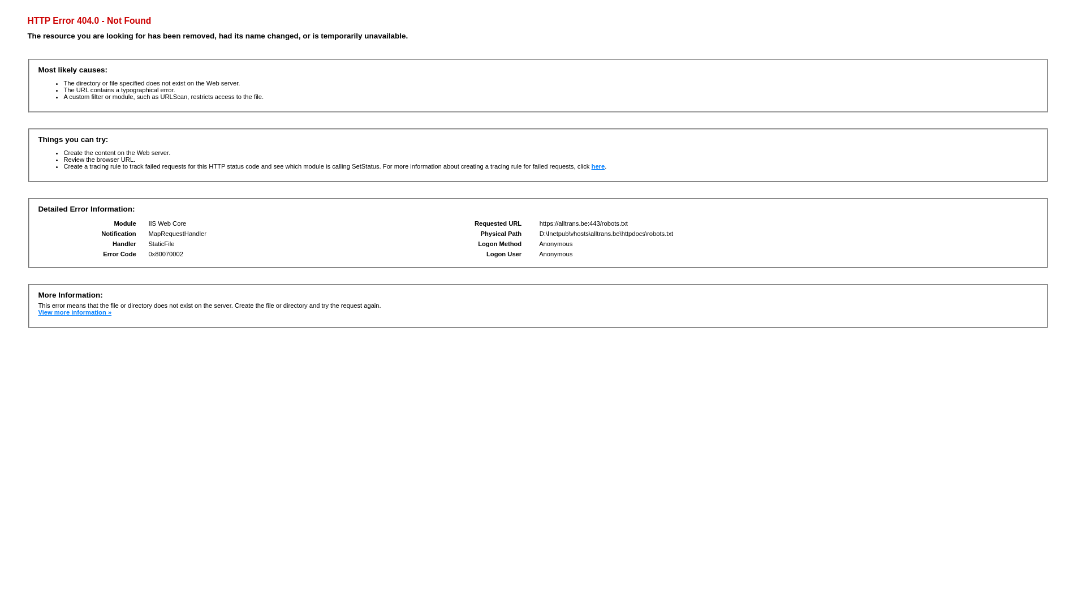  Describe the element at coordinates (591, 166) in the screenshot. I see `'here'` at that location.